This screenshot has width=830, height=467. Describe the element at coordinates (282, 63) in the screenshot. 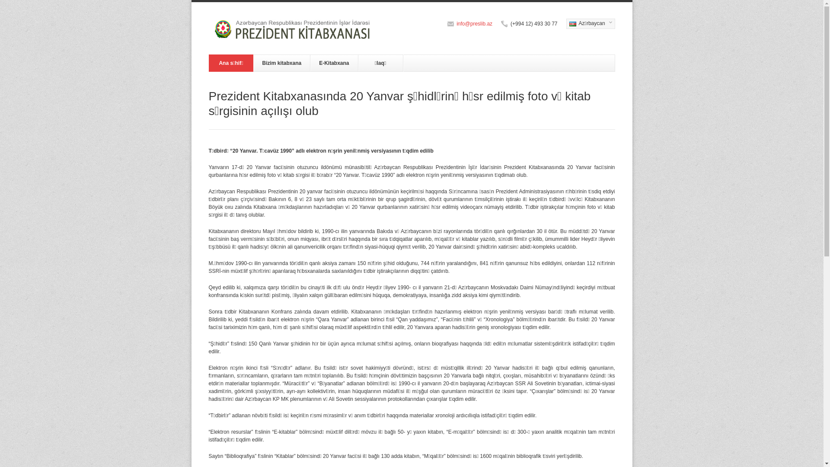

I see `'Bizim kitabxana'` at that location.